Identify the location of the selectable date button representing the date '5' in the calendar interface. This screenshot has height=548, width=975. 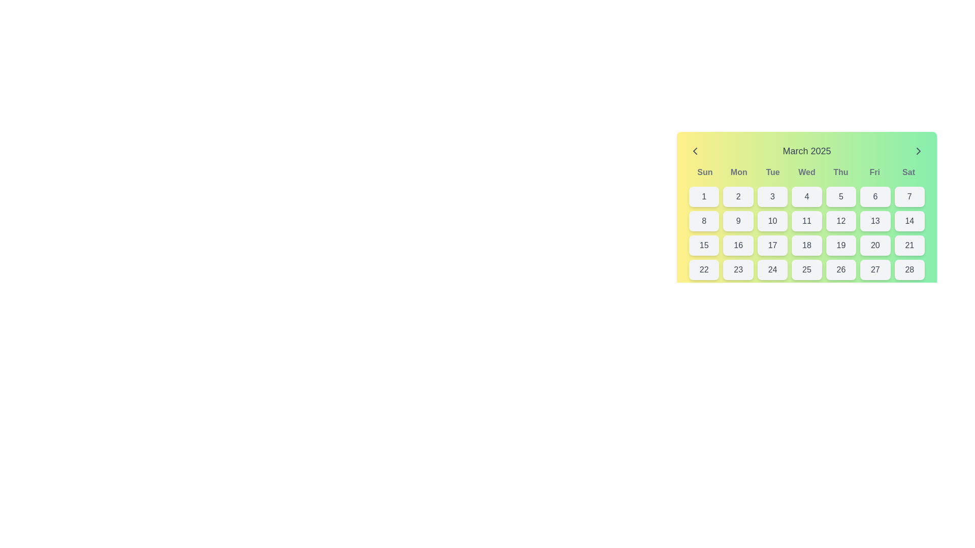
(841, 197).